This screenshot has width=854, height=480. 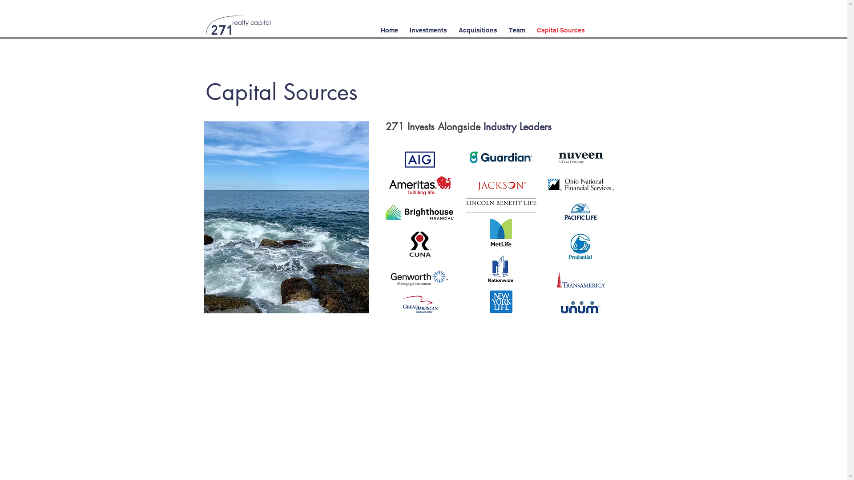 I want to click on 'Capital Sources', so click(x=531, y=26).